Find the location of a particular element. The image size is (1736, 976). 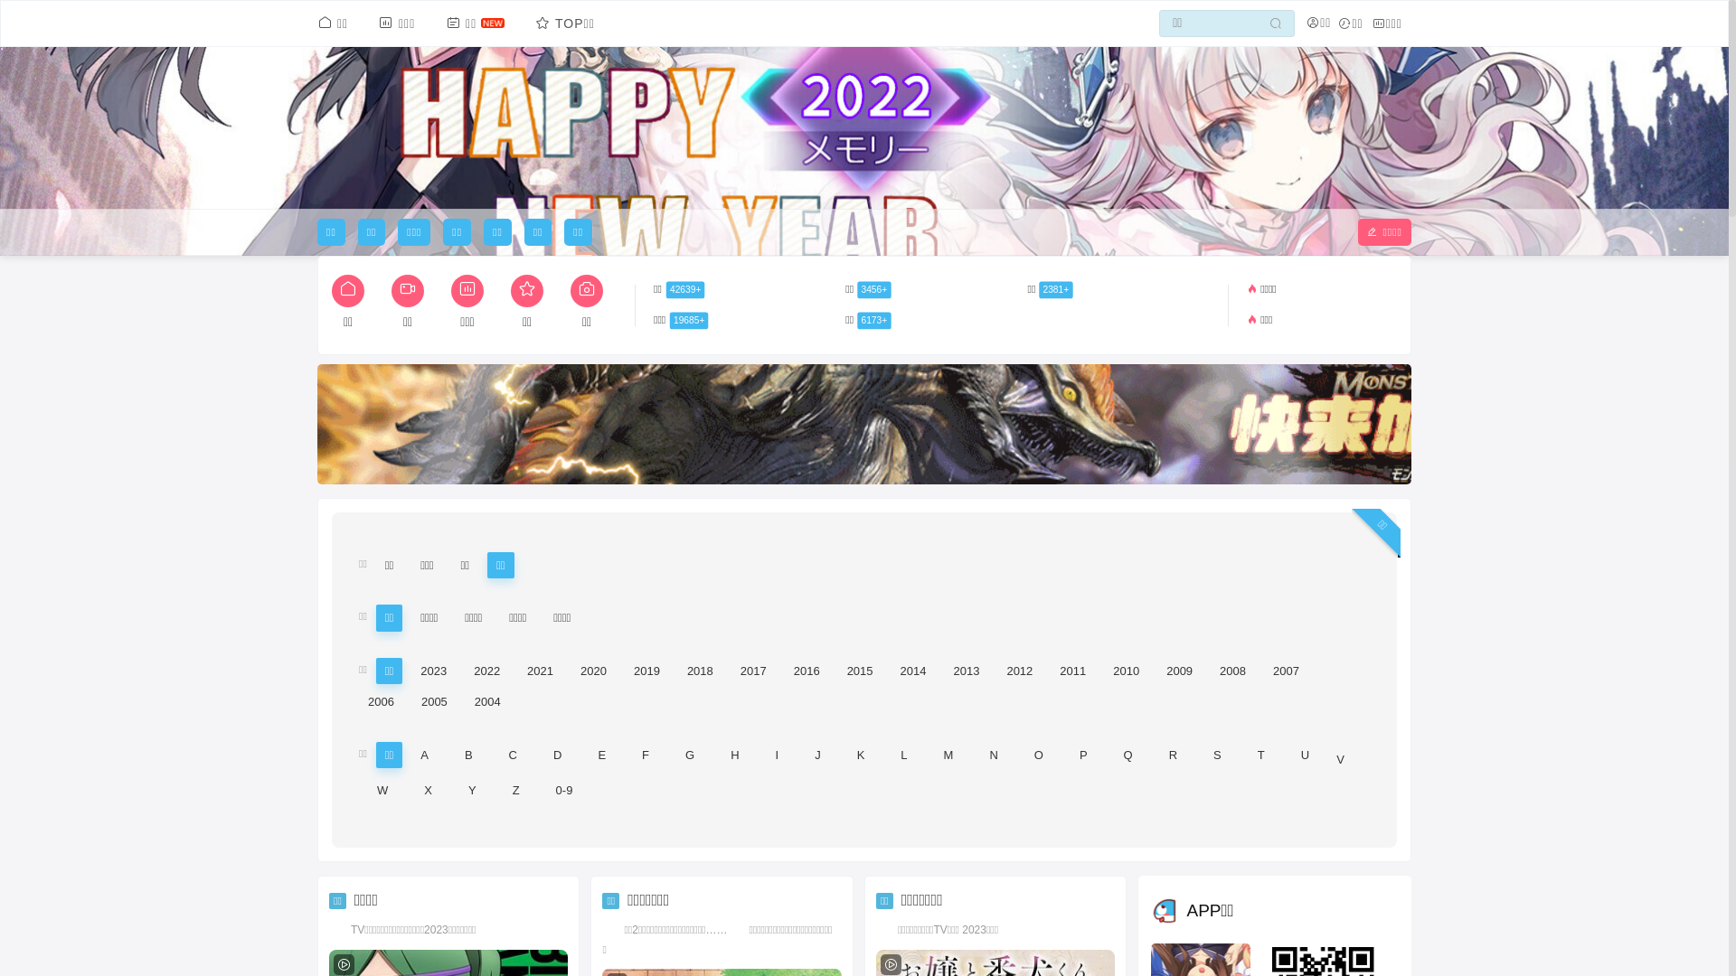

'I' is located at coordinates (777, 755).